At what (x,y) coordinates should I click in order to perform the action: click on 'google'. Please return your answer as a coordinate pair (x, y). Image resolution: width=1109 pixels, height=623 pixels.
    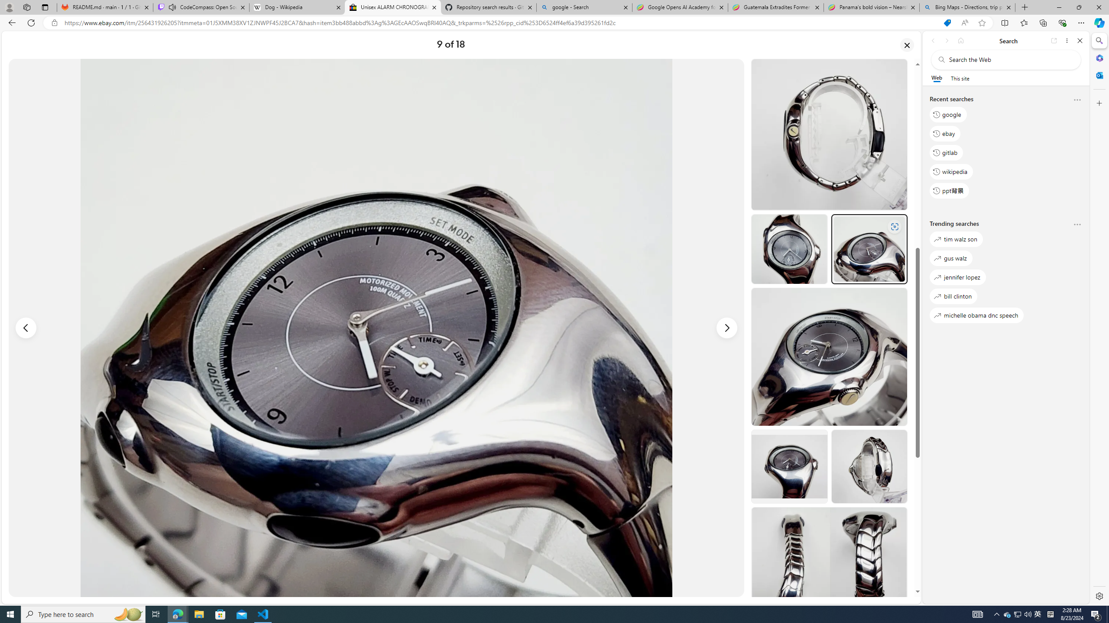
    Looking at the image, I should click on (948, 114).